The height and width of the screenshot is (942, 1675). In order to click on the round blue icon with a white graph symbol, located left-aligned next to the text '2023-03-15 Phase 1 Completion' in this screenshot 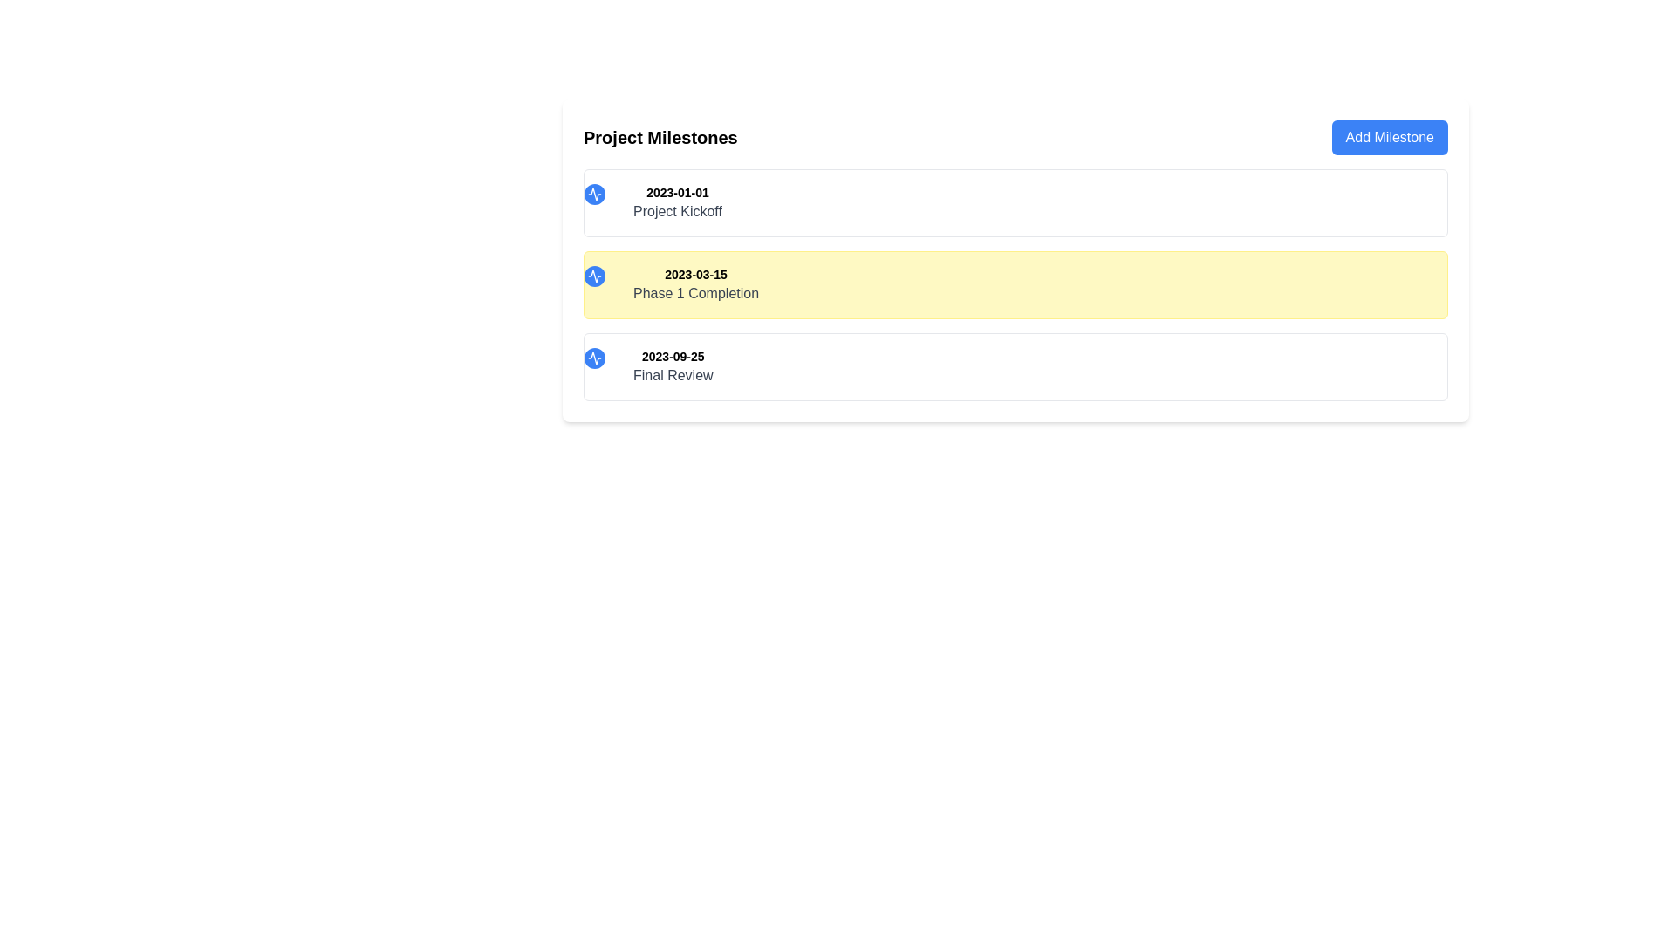, I will do `click(594, 275)`.